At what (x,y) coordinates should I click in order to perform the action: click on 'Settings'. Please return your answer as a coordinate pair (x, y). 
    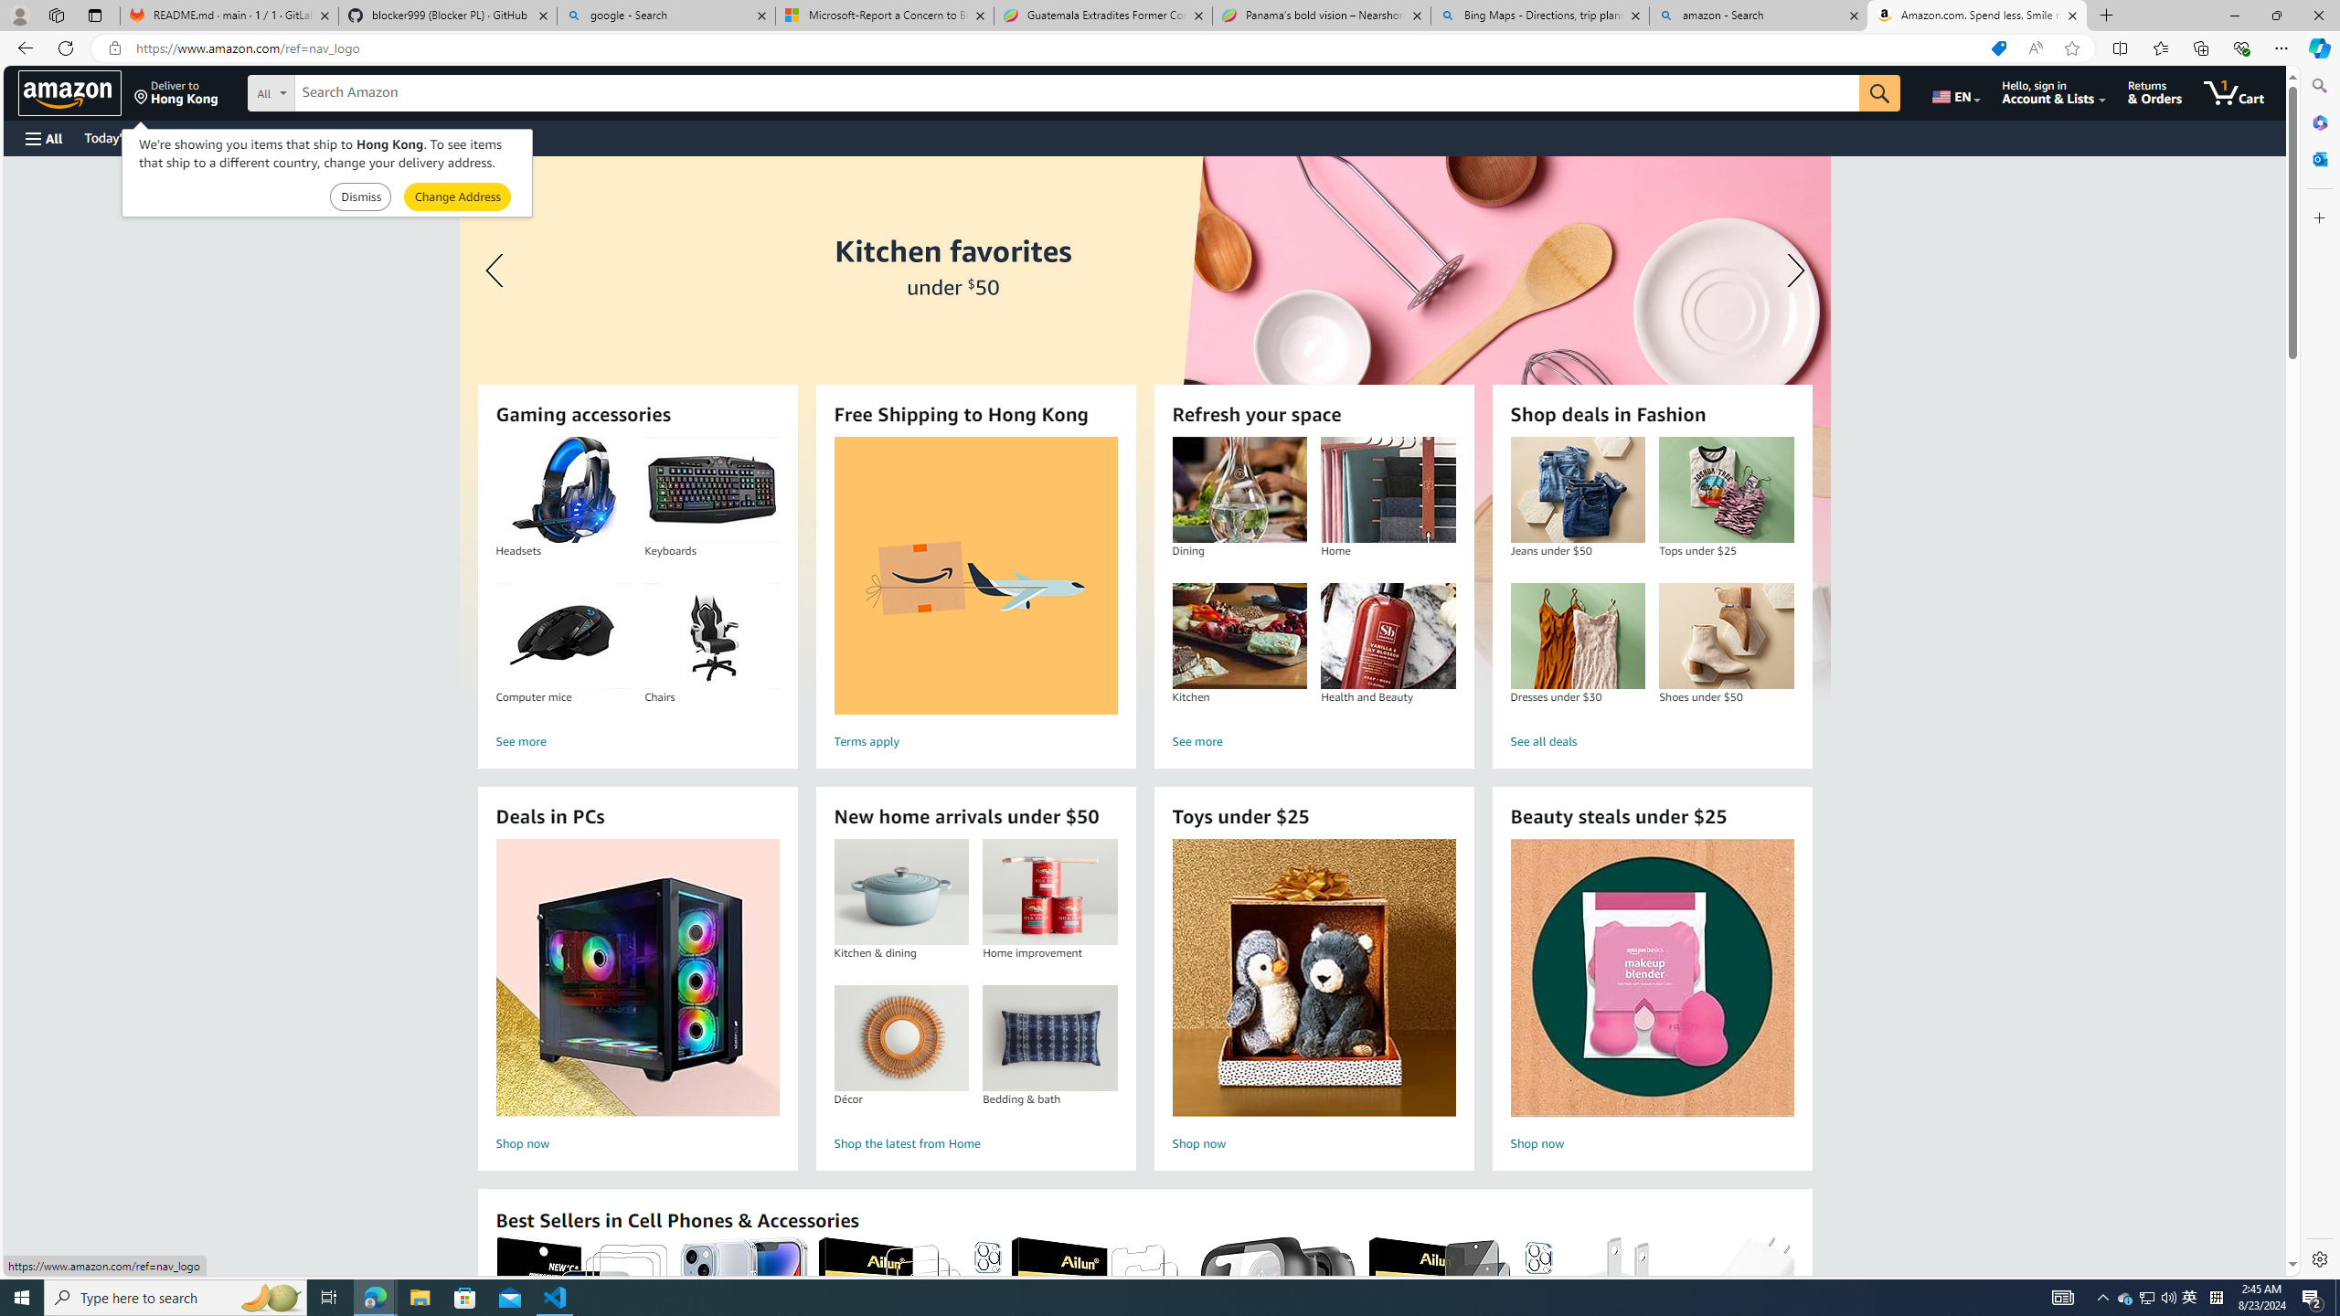
    Looking at the image, I should click on (2317, 1258).